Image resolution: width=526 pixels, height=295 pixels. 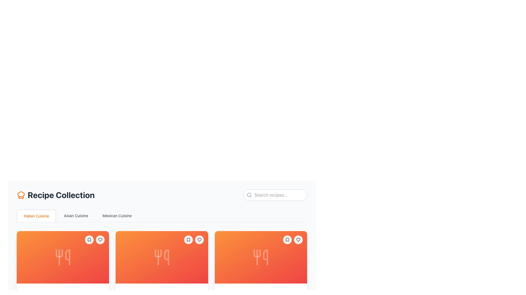 What do you see at coordinates (21, 194) in the screenshot?
I see `the culinary-themed icon located to the left of the 'Recipe Collection' text in the header section` at bounding box center [21, 194].